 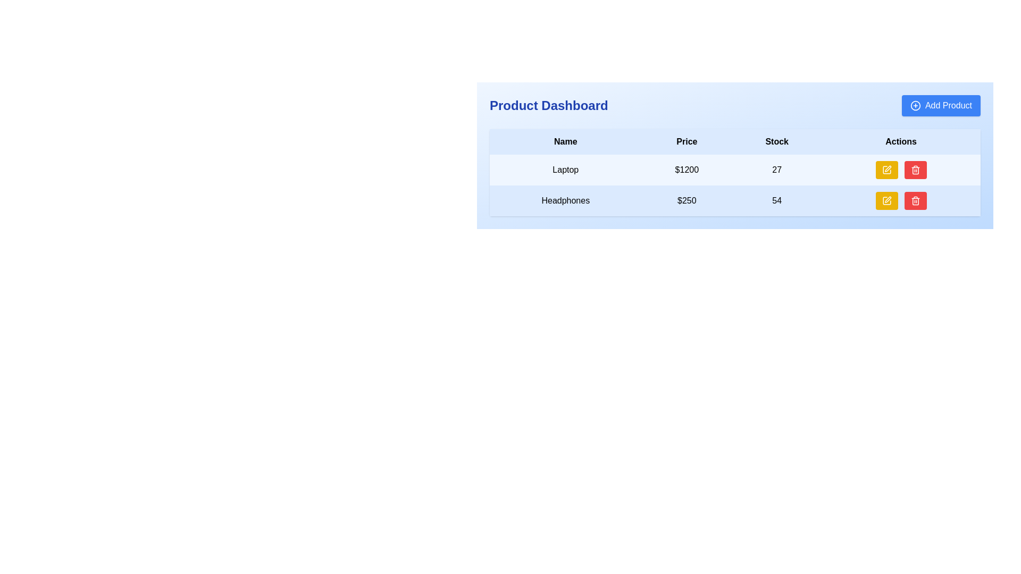 I want to click on the Text label that denotes the name or description of a product in the first row of the data table under the column labeled 'Name.' It is horizontally aligned with '$1200,' '27,' and action buttons, so click(x=565, y=170).